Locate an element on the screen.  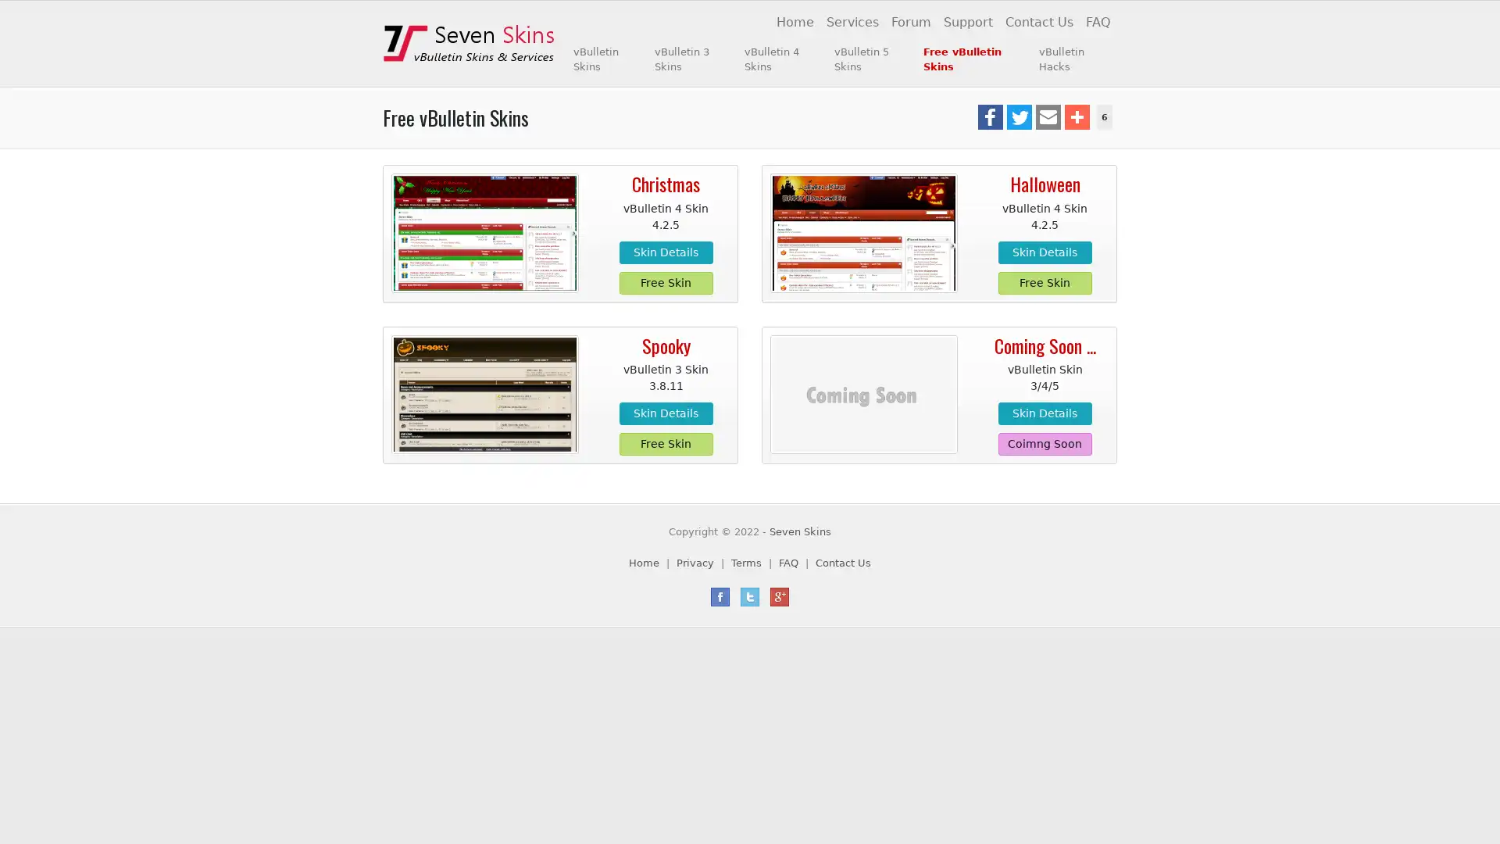
Skin Details is located at coordinates (665, 413).